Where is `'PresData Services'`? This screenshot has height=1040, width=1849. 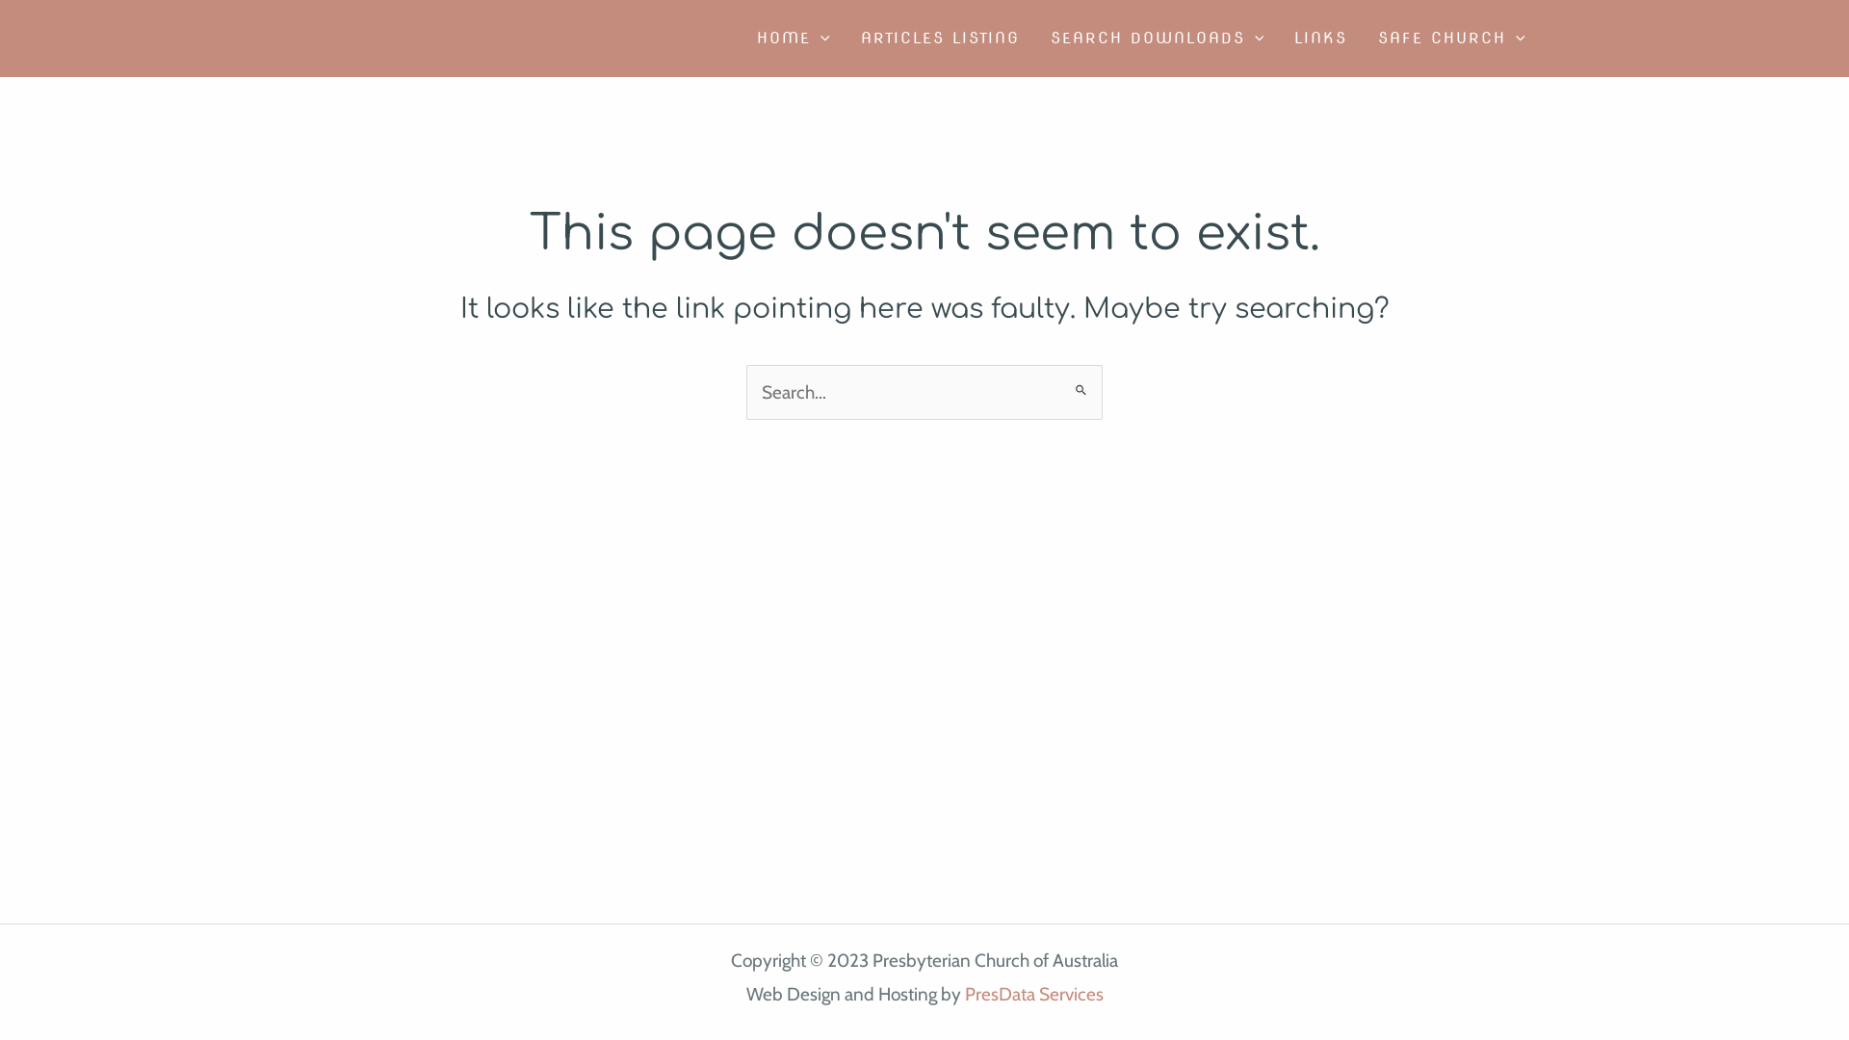
'PresData Services' is located at coordinates (1033, 994).